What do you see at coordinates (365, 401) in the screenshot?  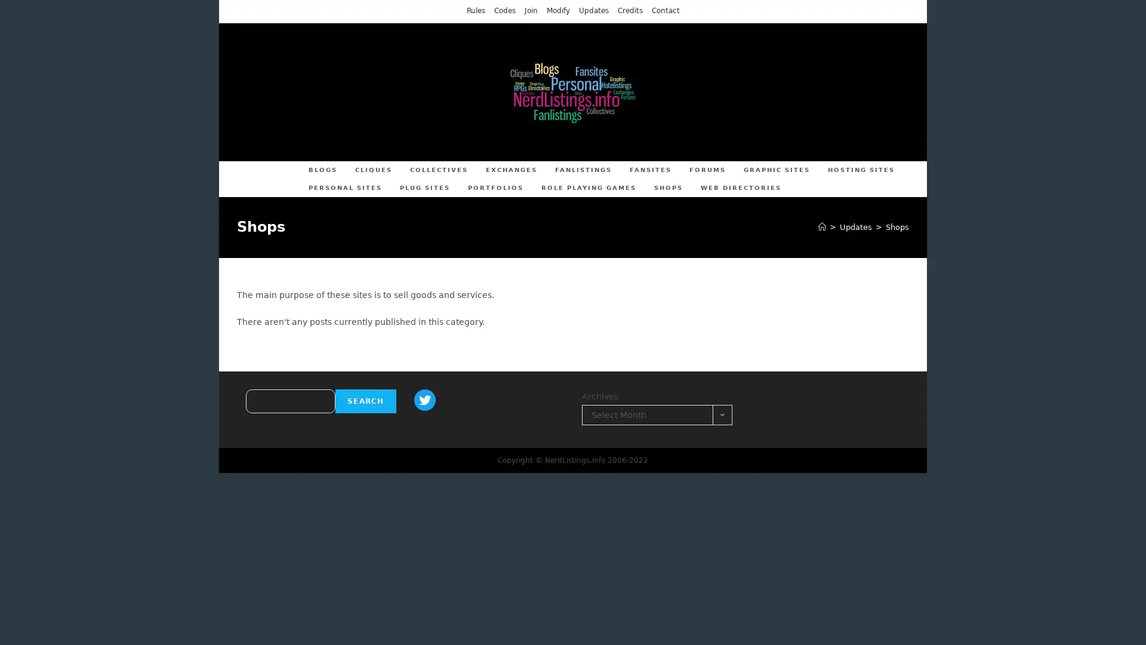 I see `SEARCH` at bounding box center [365, 401].